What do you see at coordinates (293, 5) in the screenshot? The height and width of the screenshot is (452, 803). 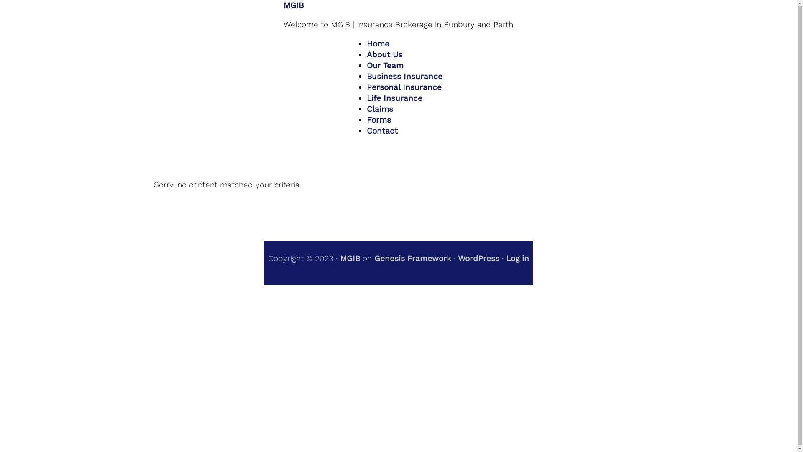 I see `'MGIB'` at bounding box center [293, 5].